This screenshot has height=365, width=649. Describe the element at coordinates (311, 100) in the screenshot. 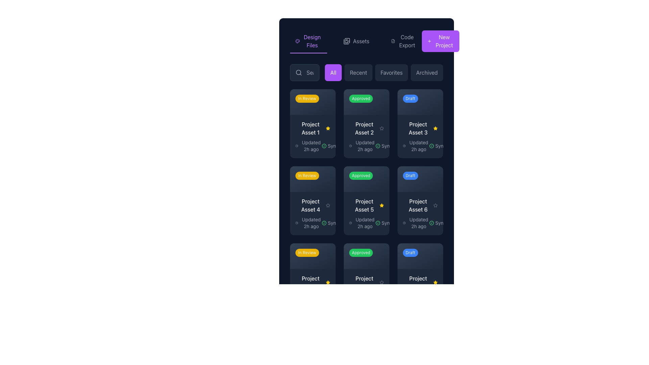

I see `the Label or Badge that indicates the status of the item on the card, which is positioned at the top-left corner above the text section` at that location.